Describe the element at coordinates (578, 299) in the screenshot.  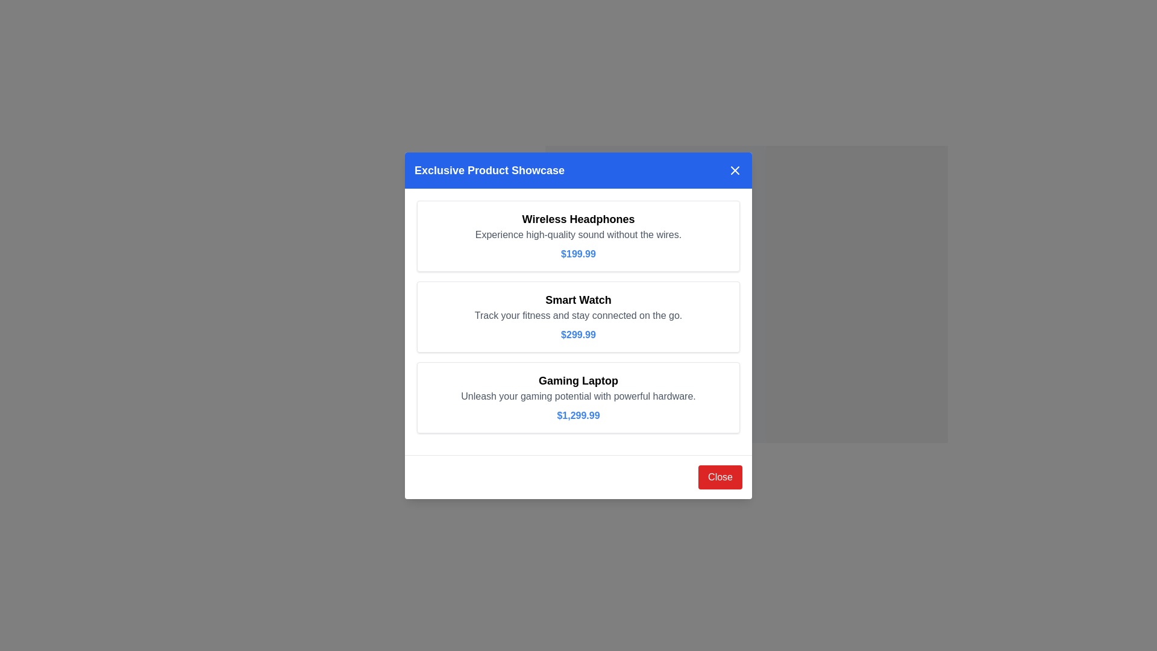
I see `the title text element that identifies the product section as 'Smart Watch'` at that location.